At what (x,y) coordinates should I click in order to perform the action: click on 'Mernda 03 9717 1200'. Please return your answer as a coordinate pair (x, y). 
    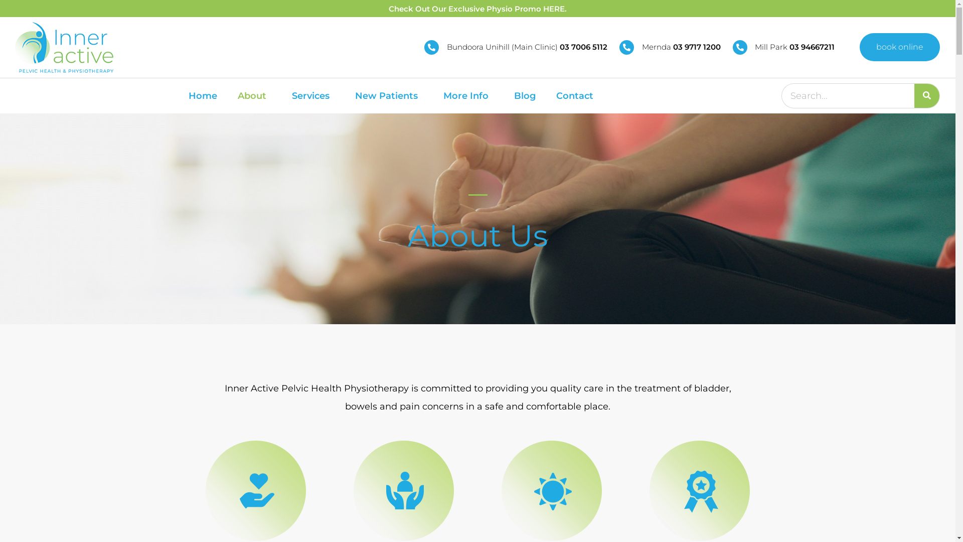
    Looking at the image, I should click on (618, 47).